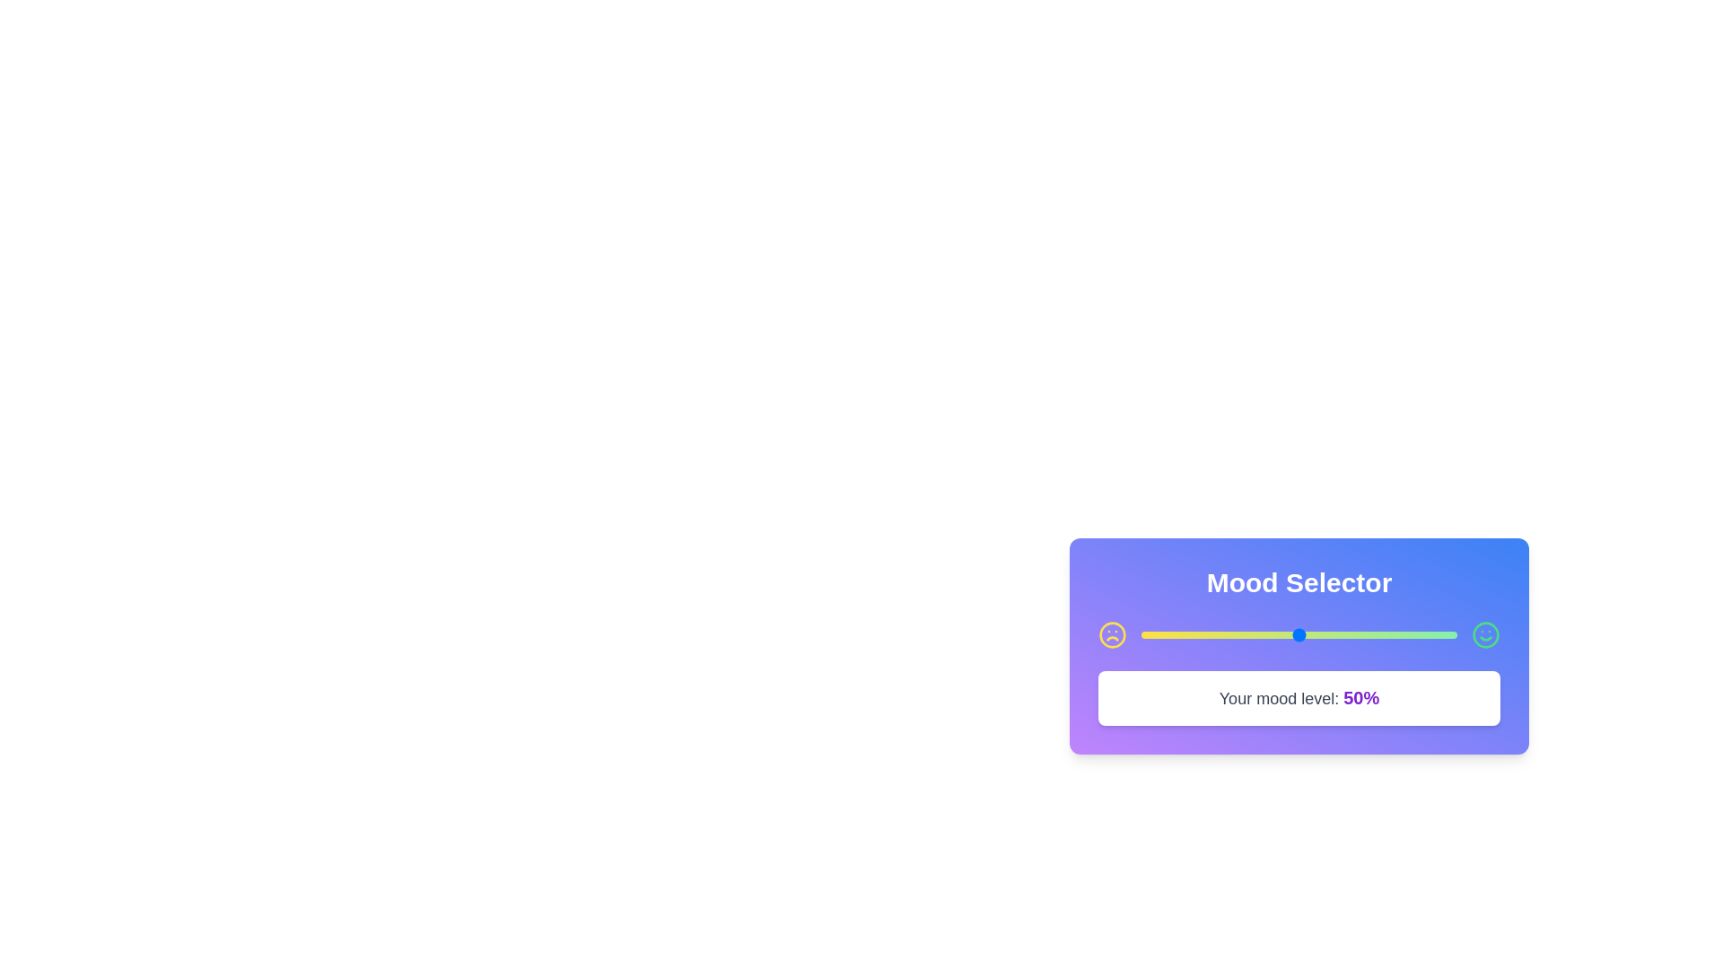 The width and height of the screenshot is (1723, 969). Describe the element at coordinates (1415, 634) in the screenshot. I see `the mood slider to set the mood value to 87` at that location.